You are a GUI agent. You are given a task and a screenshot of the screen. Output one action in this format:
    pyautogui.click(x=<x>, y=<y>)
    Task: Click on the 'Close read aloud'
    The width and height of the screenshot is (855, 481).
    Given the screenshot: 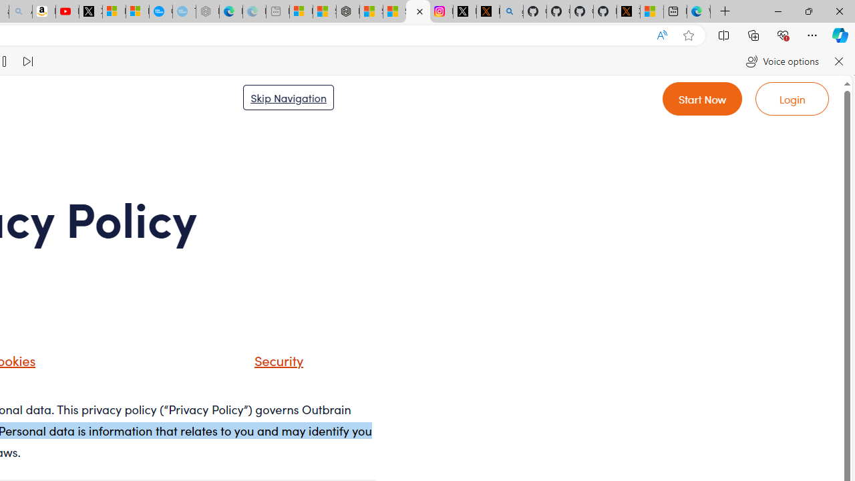 What is the action you would take?
    pyautogui.click(x=838, y=61)
    